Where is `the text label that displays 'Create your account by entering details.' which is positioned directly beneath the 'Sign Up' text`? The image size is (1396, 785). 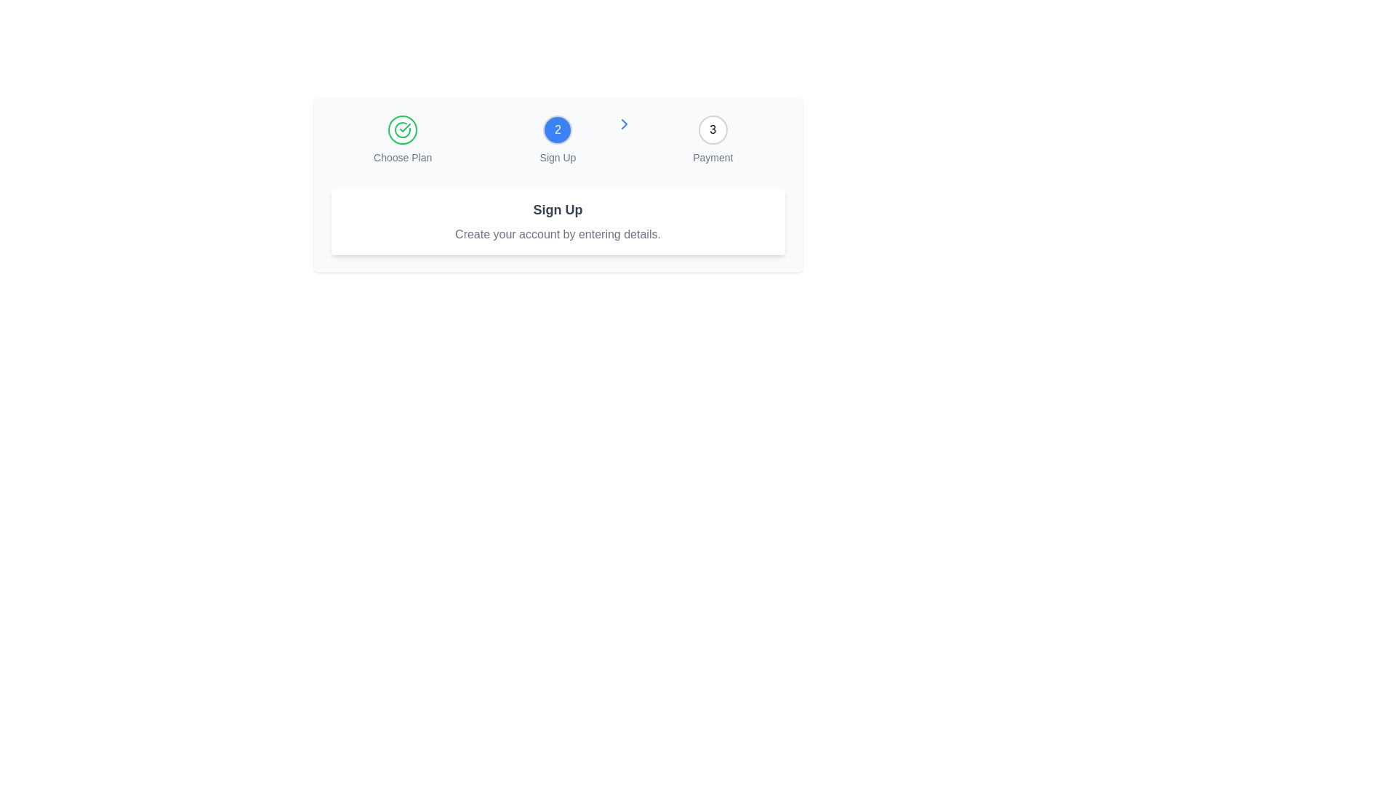
the text label that displays 'Create your account by entering details.' which is positioned directly beneath the 'Sign Up' text is located at coordinates (557, 234).